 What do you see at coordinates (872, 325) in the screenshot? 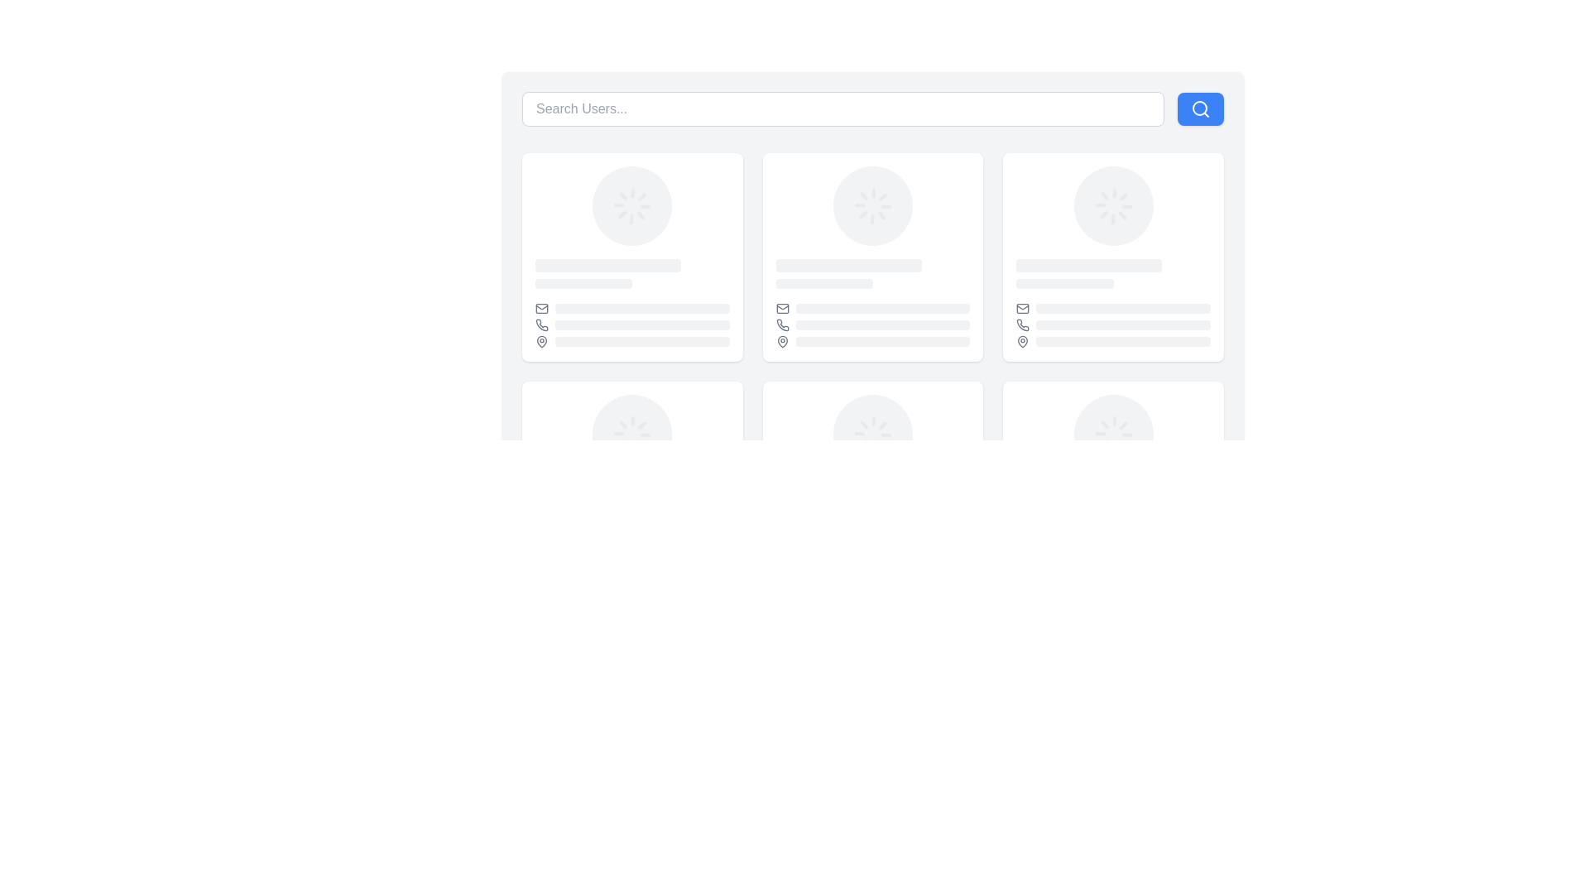
I see `the styling of the placeholder element, which features a phone icon to the left of a gray rectangle with rounded corners, located in the second row of a grid layout` at bounding box center [872, 325].